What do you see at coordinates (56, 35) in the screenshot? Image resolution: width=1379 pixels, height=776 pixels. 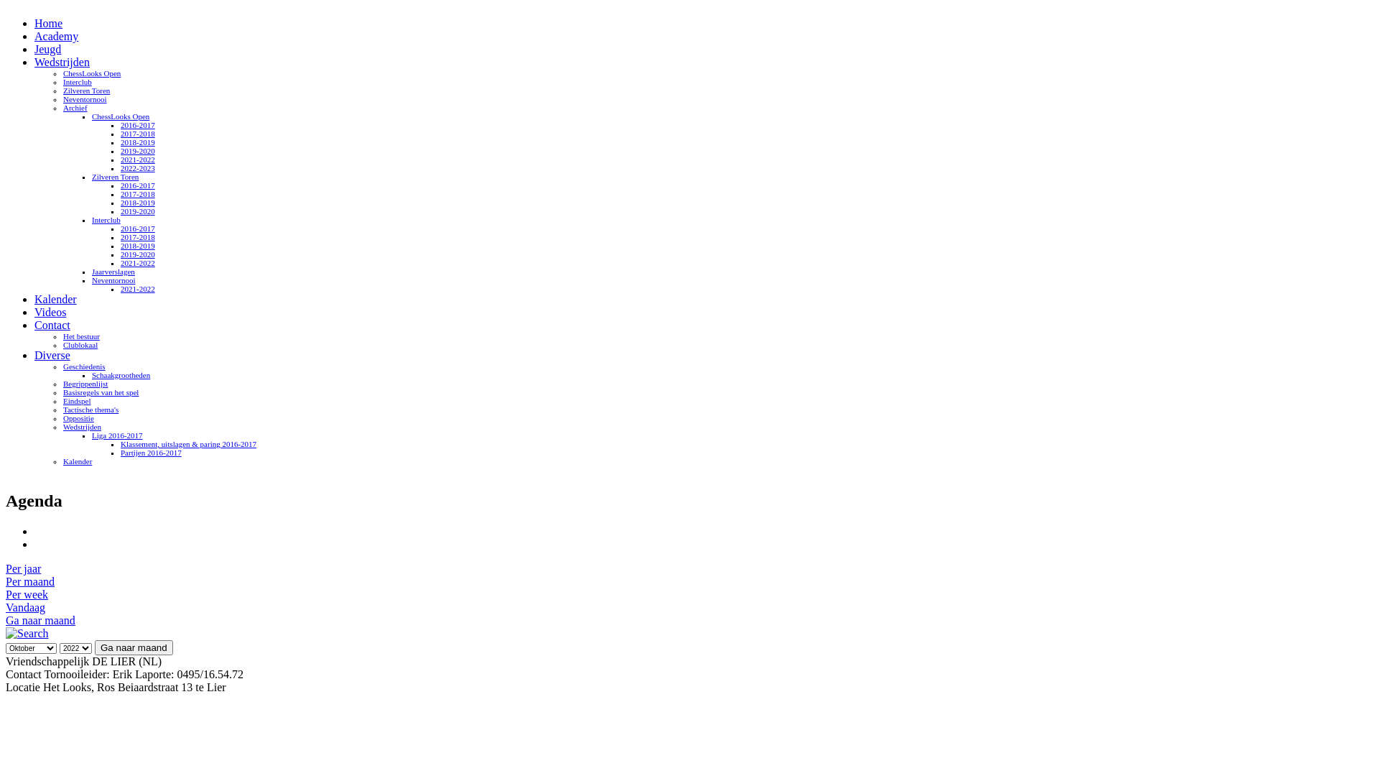 I see `'Academy'` at bounding box center [56, 35].